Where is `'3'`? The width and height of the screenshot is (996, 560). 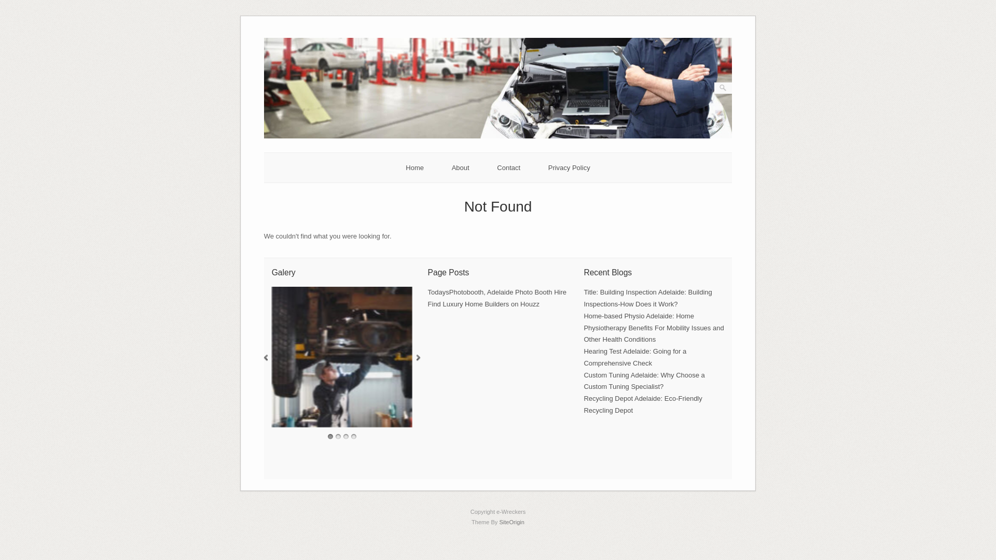
'3' is located at coordinates (343, 437).